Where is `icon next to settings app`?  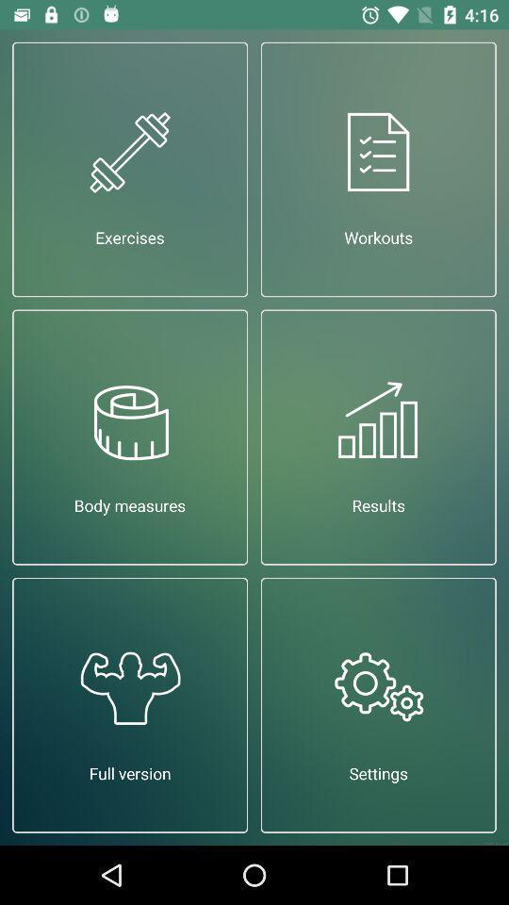
icon next to settings app is located at coordinates (129, 704).